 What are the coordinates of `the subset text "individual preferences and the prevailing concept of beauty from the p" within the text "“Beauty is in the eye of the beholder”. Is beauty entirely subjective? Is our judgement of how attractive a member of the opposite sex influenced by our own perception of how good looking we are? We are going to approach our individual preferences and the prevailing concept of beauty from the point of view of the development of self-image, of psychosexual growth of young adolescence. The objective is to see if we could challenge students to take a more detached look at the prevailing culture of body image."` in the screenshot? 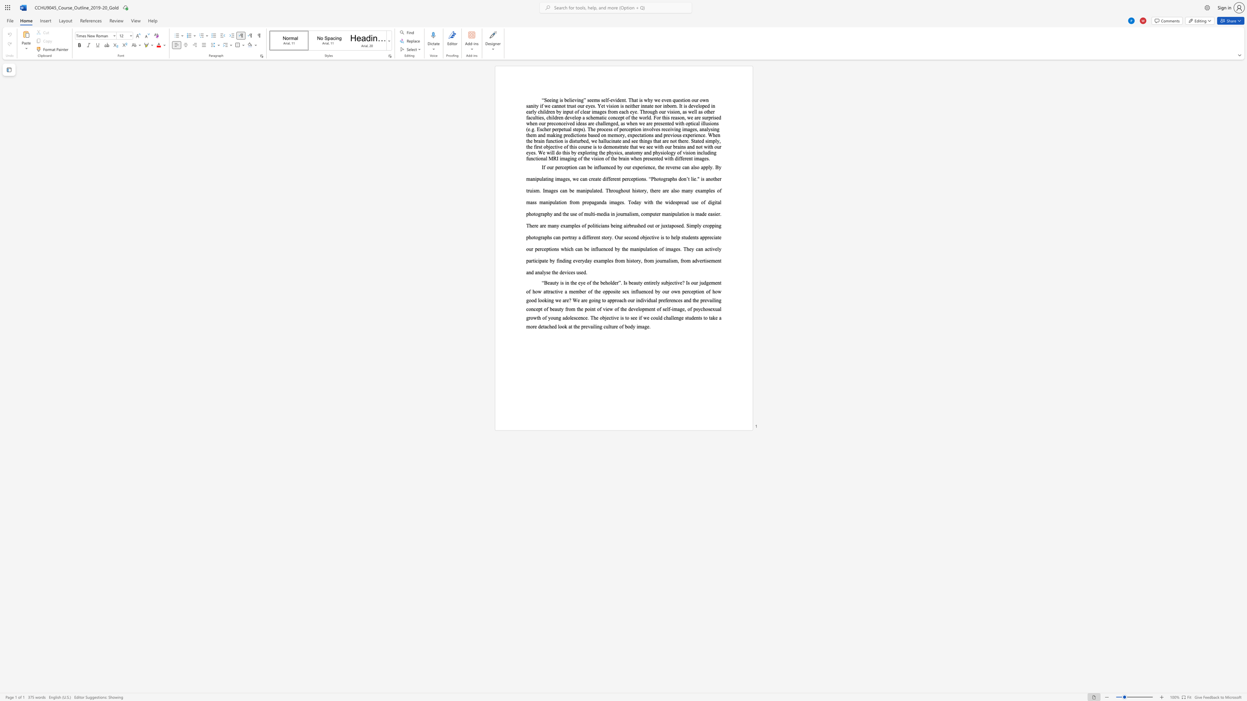 It's located at (636, 300).